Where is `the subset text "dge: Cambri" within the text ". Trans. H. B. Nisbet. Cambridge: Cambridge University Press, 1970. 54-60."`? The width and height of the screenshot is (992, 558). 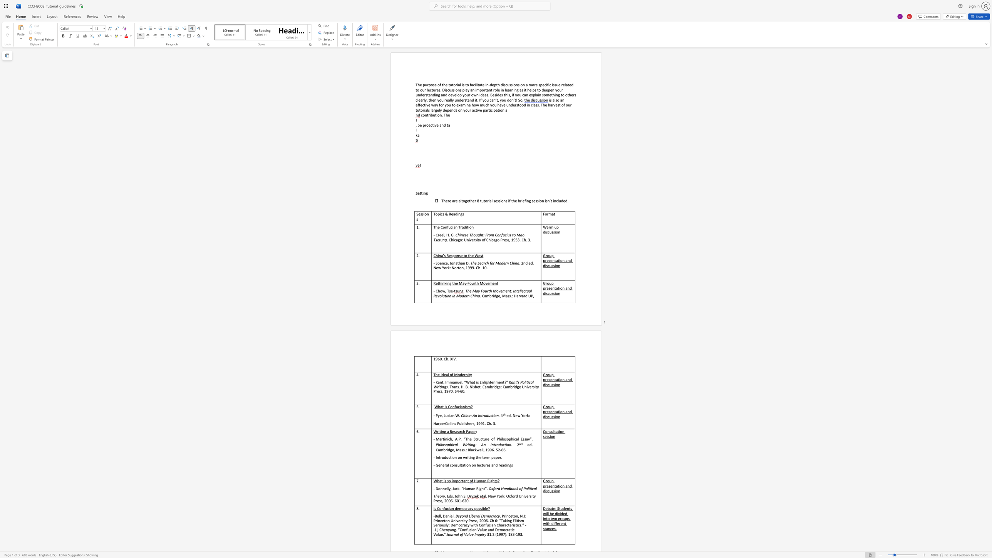
the subset text "dge: Cambri" within the text ". Trans. H. B. Nisbet. Cambridge: Cambridge University Press, 1970. 54-60." is located at coordinates (494, 387).